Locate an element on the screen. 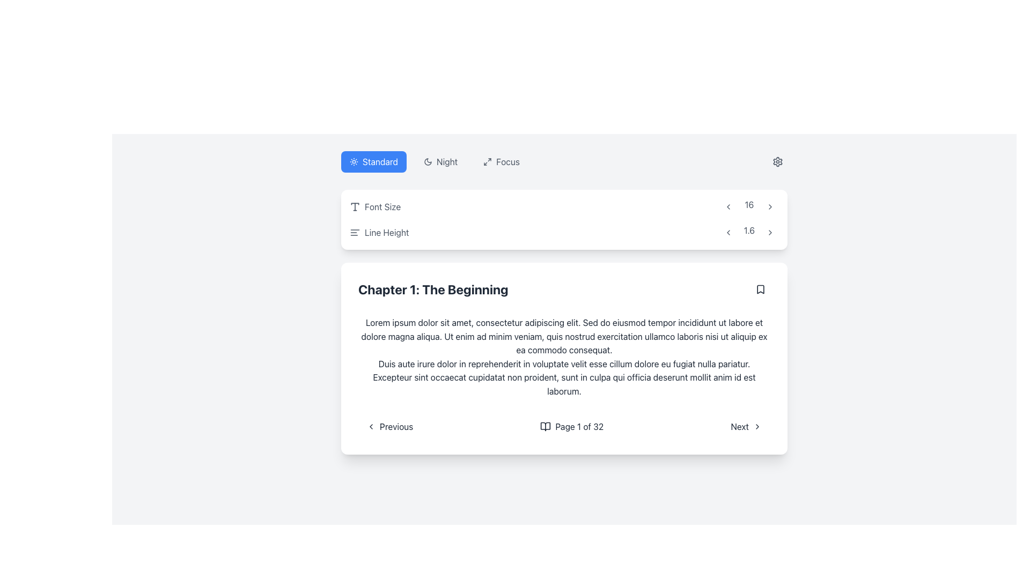 Image resolution: width=1030 pixels, height=579 pixels. the left chevron-shaped arrow icon styled with gray color is located at coordinates (728, 232).